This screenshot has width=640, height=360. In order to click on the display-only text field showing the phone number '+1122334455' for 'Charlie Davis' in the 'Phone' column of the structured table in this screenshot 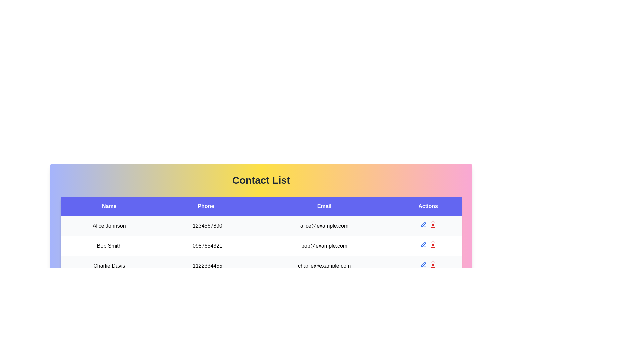, I will do `click(205, 265)`.